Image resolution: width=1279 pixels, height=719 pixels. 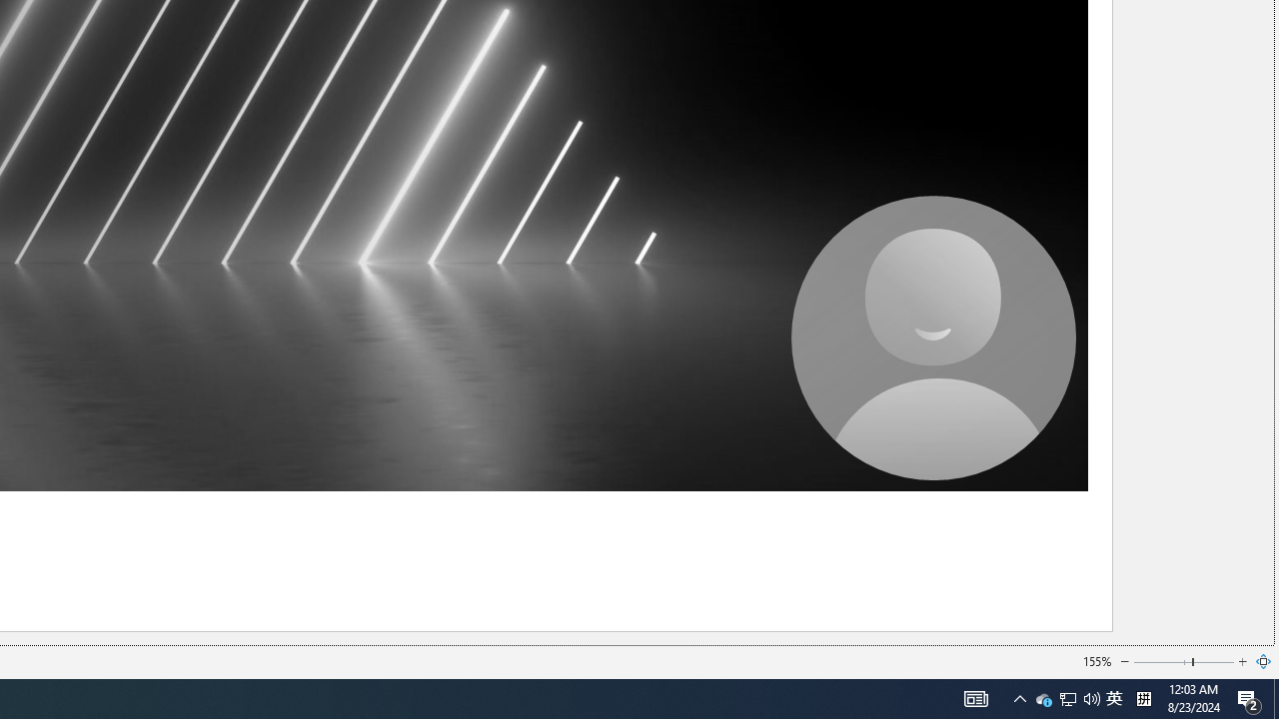 What do you see at coordinates (1162, 662) in the screenshot?
I see `'Page left'` at bounding box center [1162, 662].